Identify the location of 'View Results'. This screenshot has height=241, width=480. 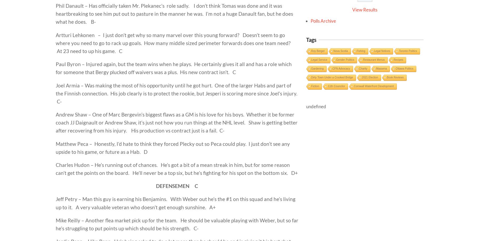
(365, 9).